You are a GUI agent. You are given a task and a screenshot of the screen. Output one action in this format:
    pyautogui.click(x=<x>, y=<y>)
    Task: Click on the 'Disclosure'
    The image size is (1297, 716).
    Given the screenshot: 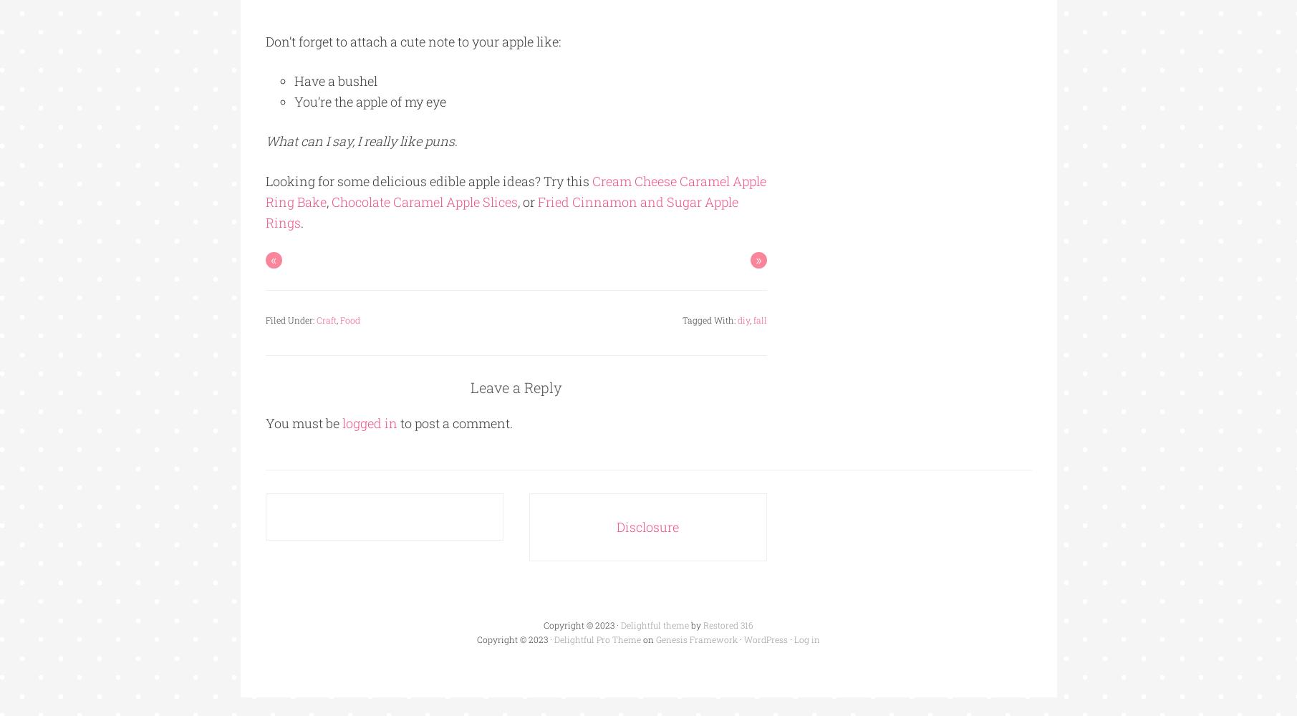 What is the action you would take?
    pyautogui.click(x=647, y=526)
    